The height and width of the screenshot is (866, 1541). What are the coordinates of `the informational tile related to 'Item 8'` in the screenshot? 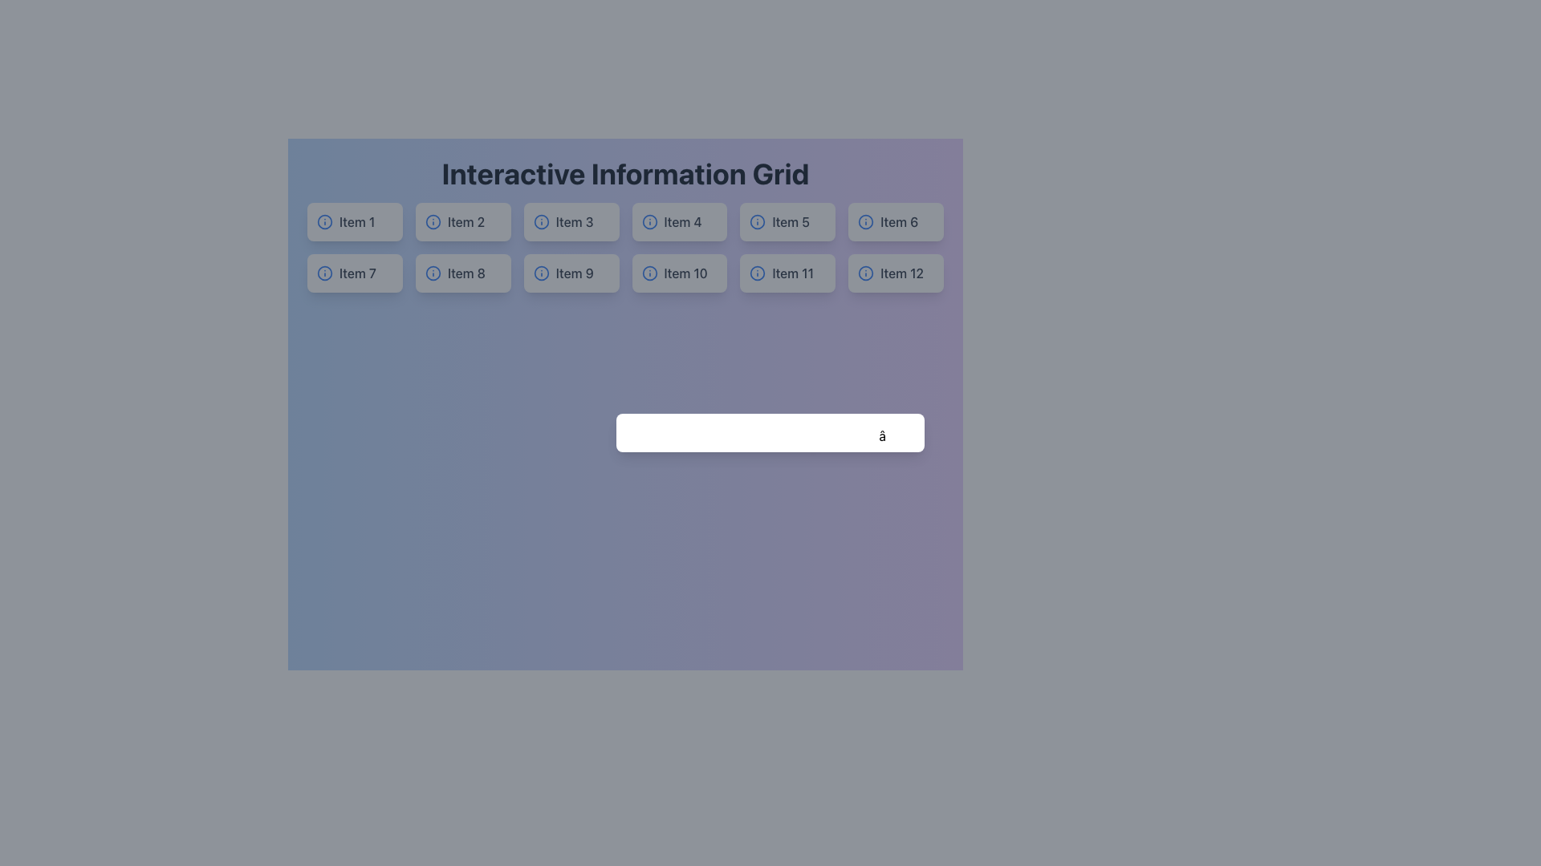 It's located at (462, 272).